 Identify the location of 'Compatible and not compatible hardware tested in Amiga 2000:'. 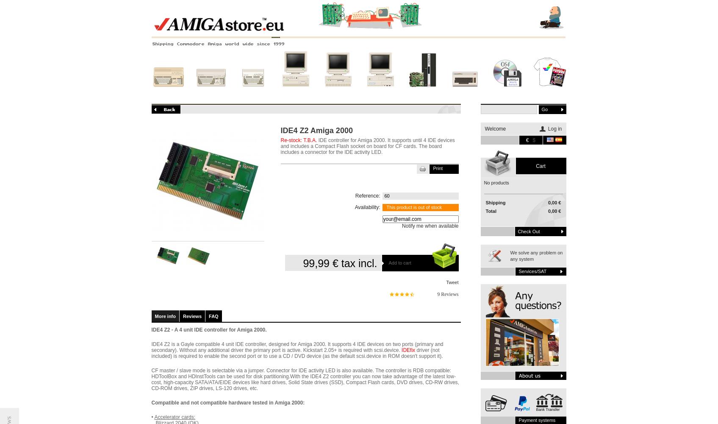
(227, 402).